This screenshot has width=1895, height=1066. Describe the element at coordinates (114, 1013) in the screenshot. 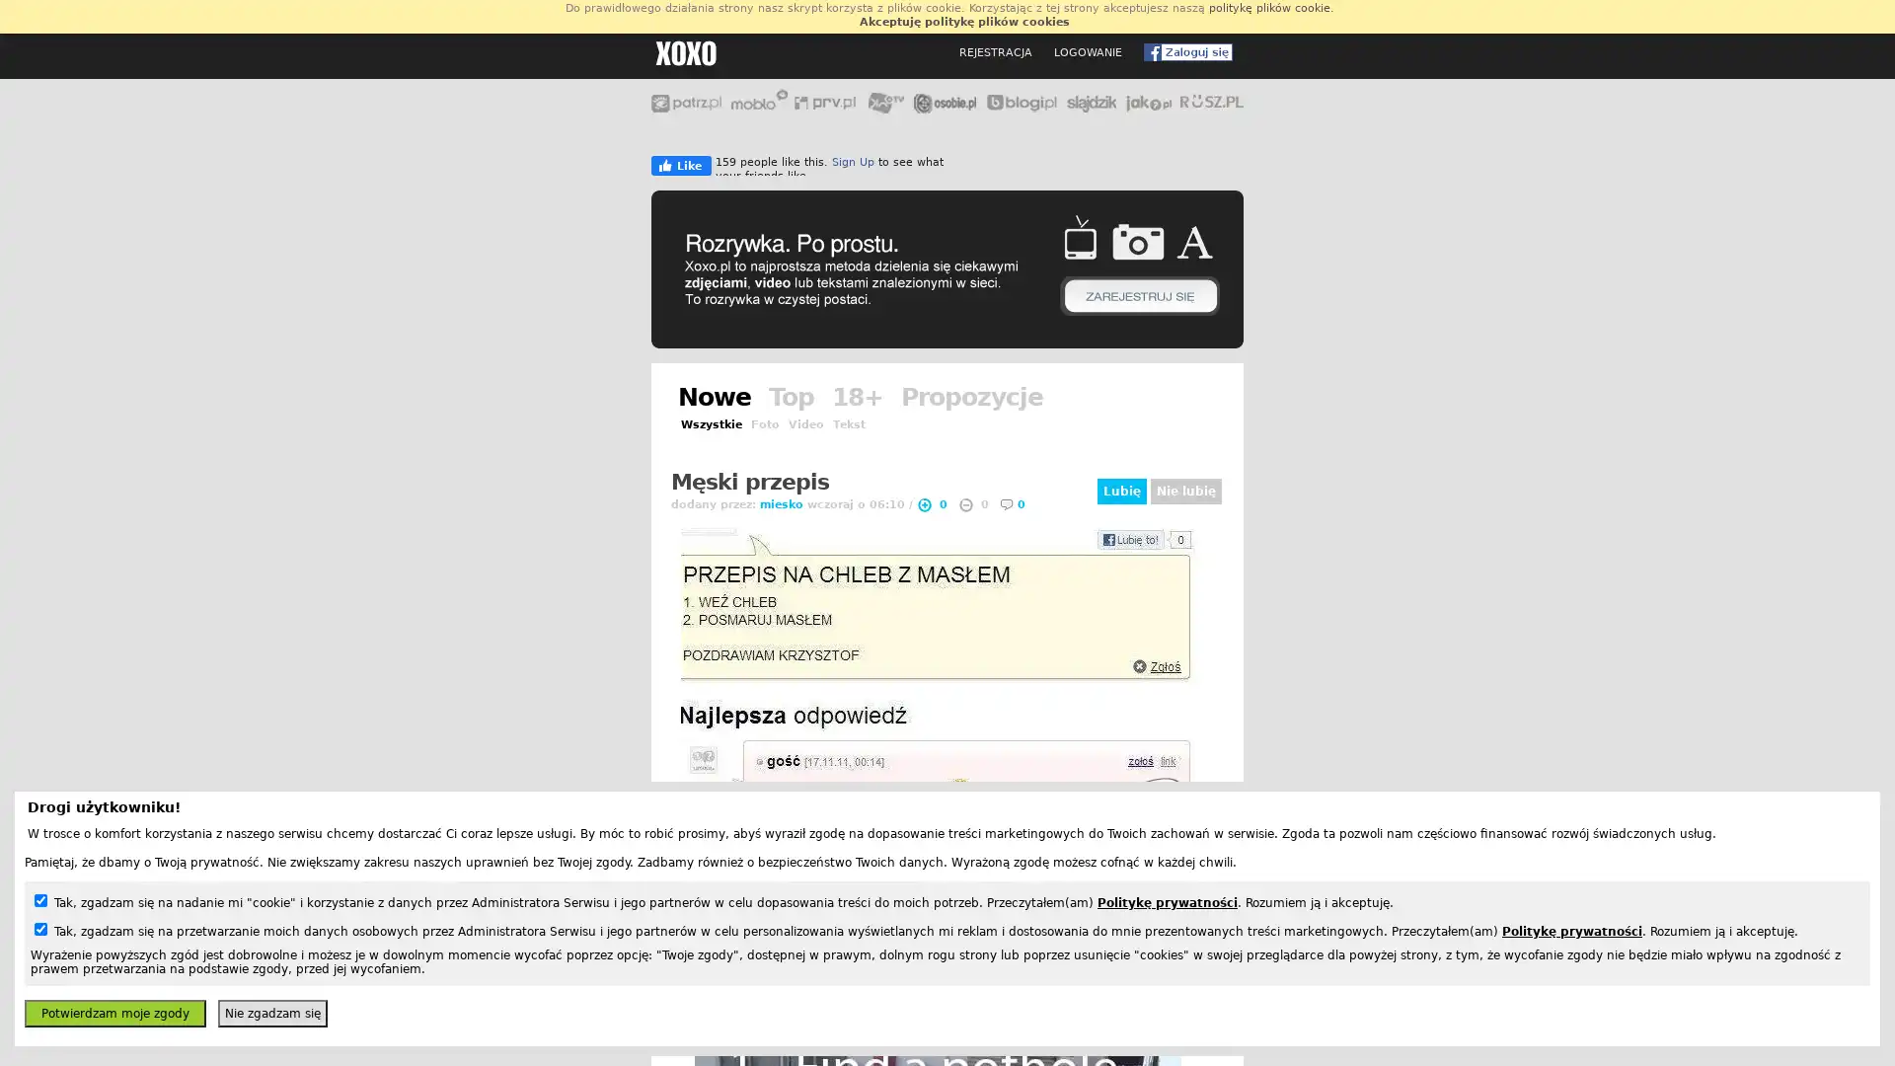

I see `Potwierdzam moje zgody` at that location.